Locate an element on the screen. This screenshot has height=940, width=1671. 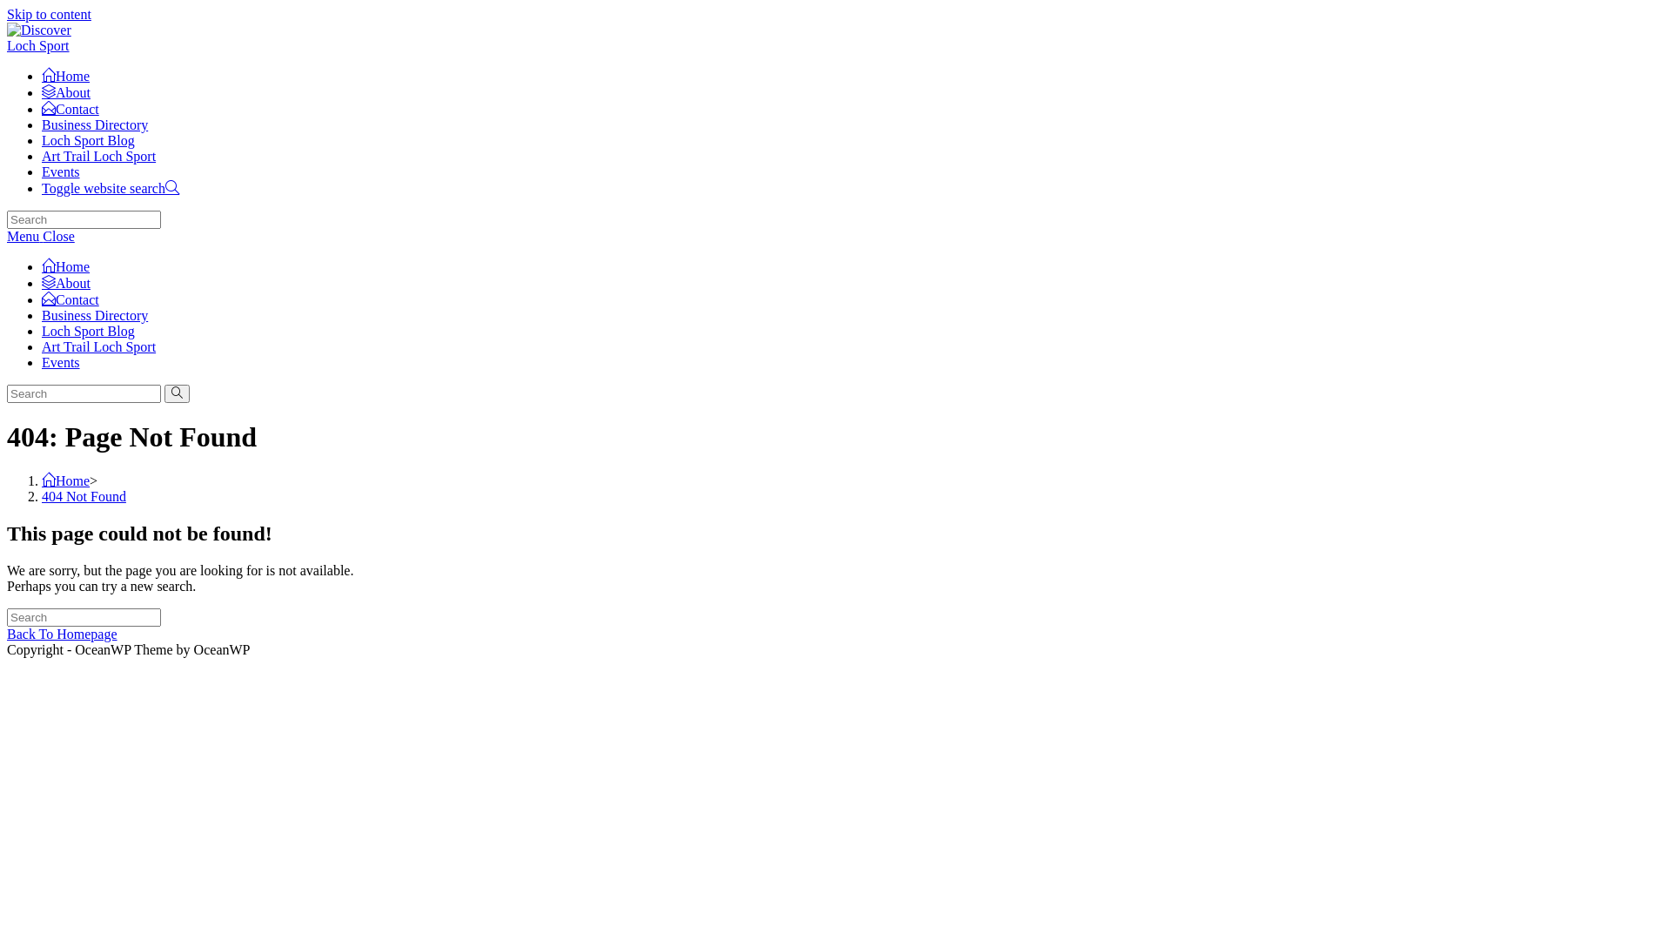
'Business Directory' is located at coordinates (94, 315).